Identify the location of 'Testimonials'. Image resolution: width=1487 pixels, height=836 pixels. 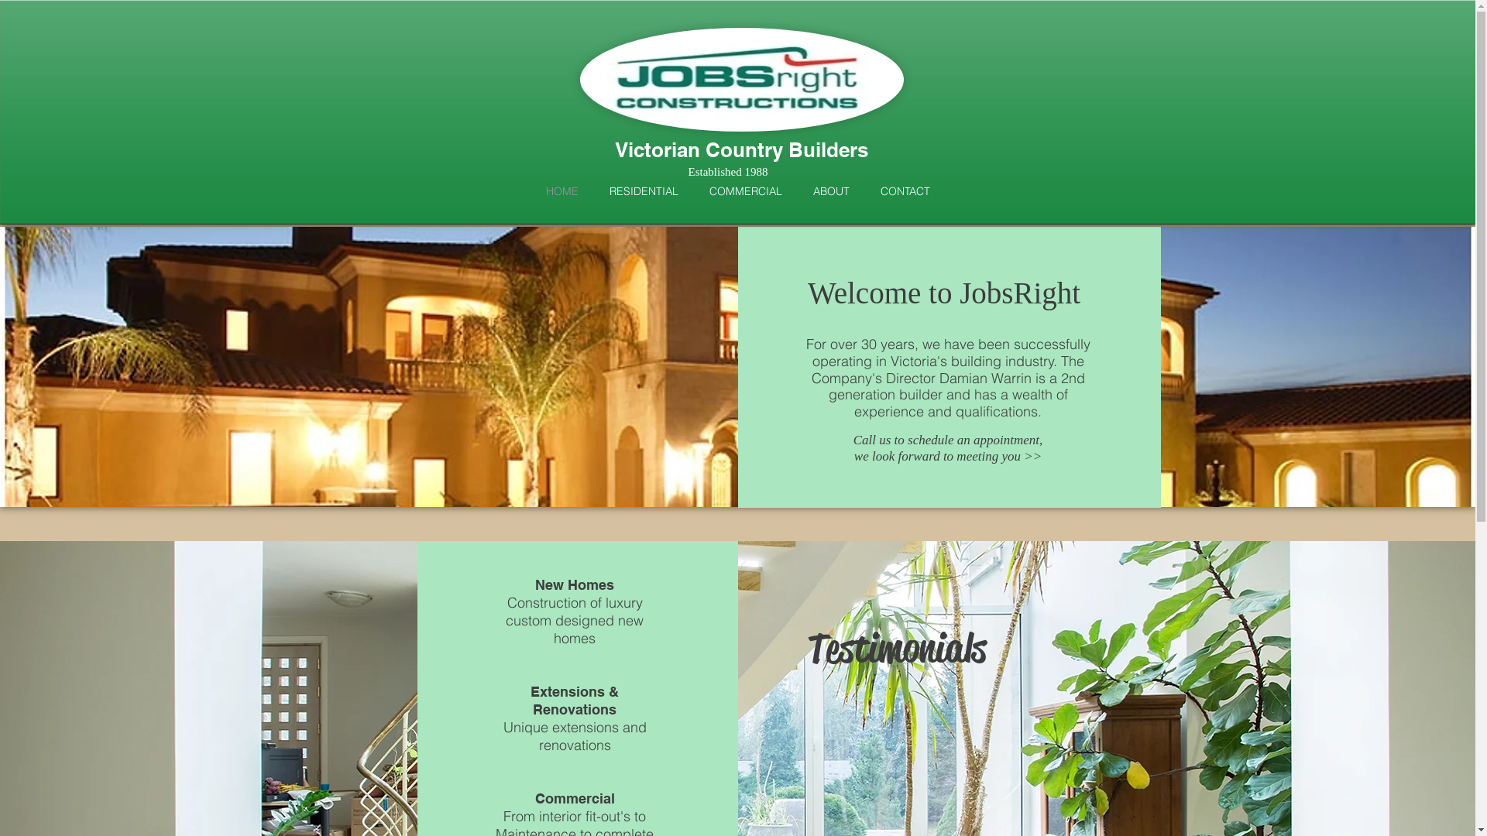
(960, 734).